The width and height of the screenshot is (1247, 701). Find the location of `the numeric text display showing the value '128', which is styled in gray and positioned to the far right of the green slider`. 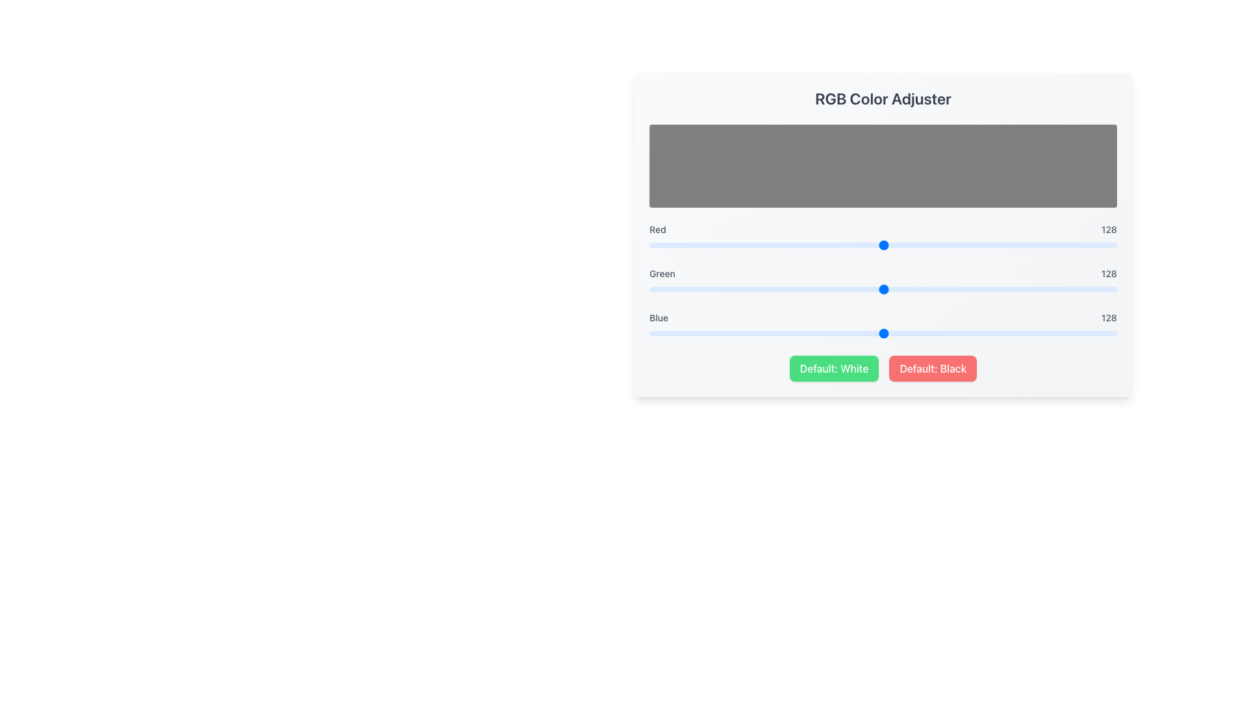

the numeric text display showing the value '128', which is styled in gray and positioned to the far right of the green slider is located at coordinates (1109, 273).